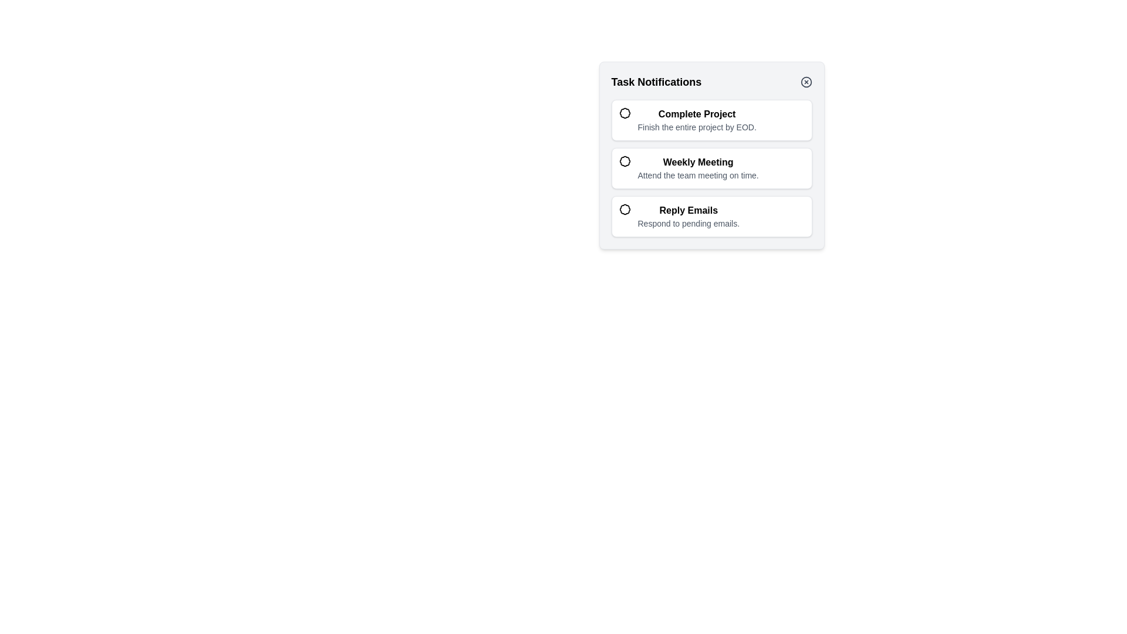 This screenshot has height=634, width=1127. Describe the element at coordinates (624, 161) in the screenshot. I see `decorative graphic within the priority badge located to the left of the 'Weekly Meeting' label in the second row of the task list interface` at that location.